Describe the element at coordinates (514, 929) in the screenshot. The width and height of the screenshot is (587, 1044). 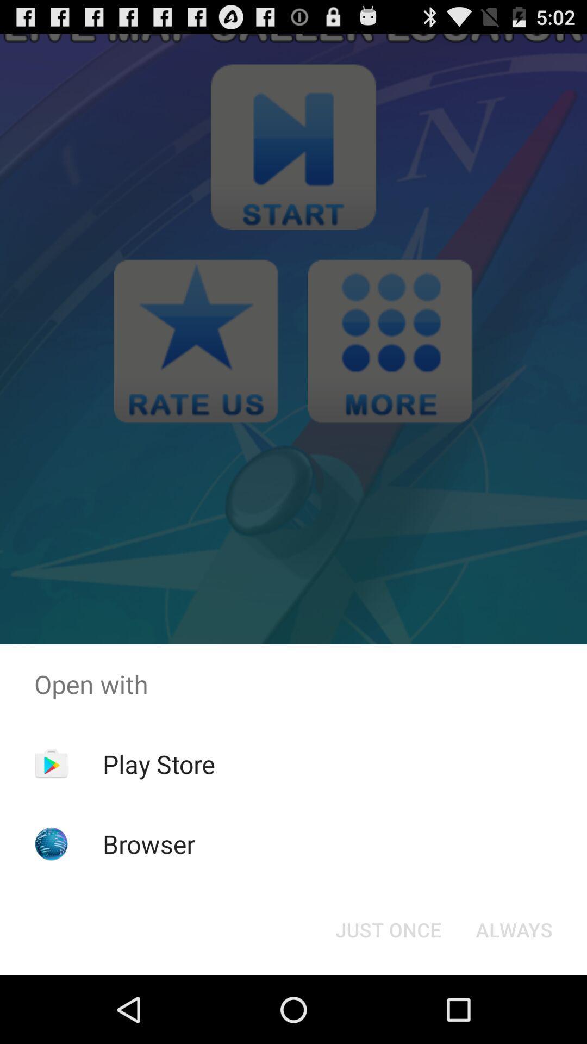
I see `item to the right of just once item` at that location.